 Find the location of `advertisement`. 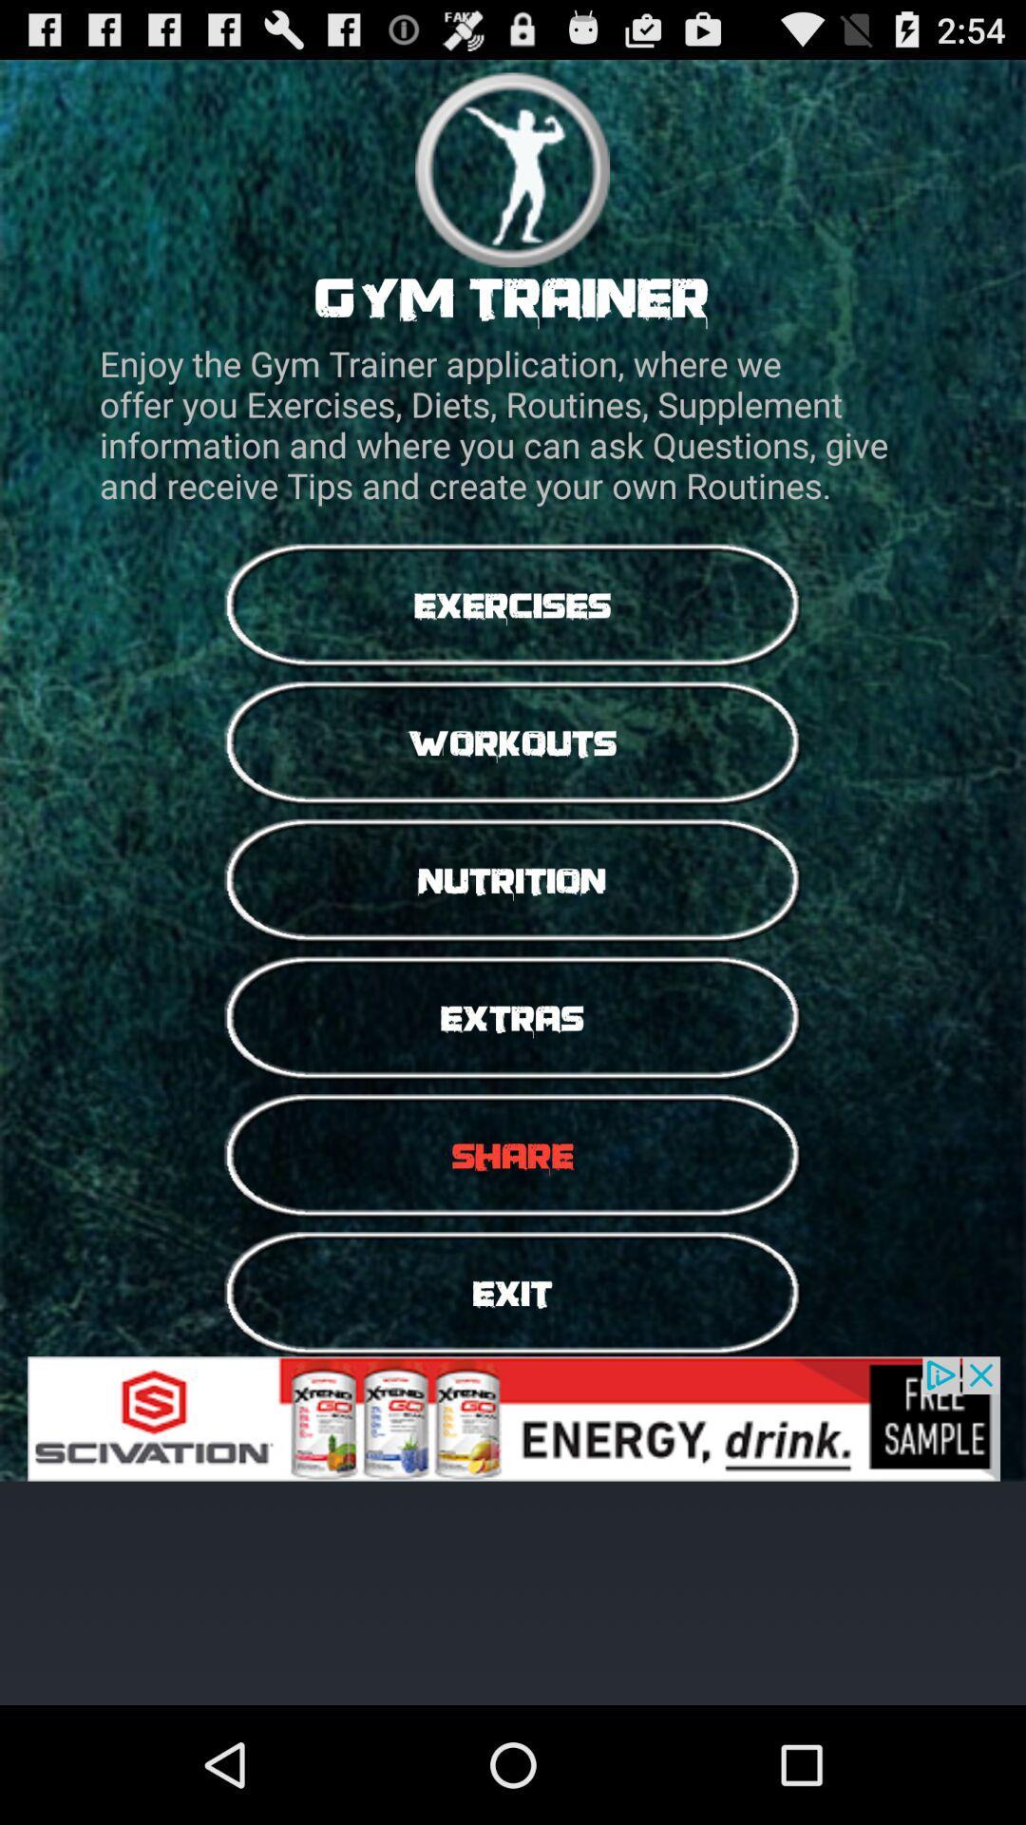

advertisement is located at coordinates (513, 1418).